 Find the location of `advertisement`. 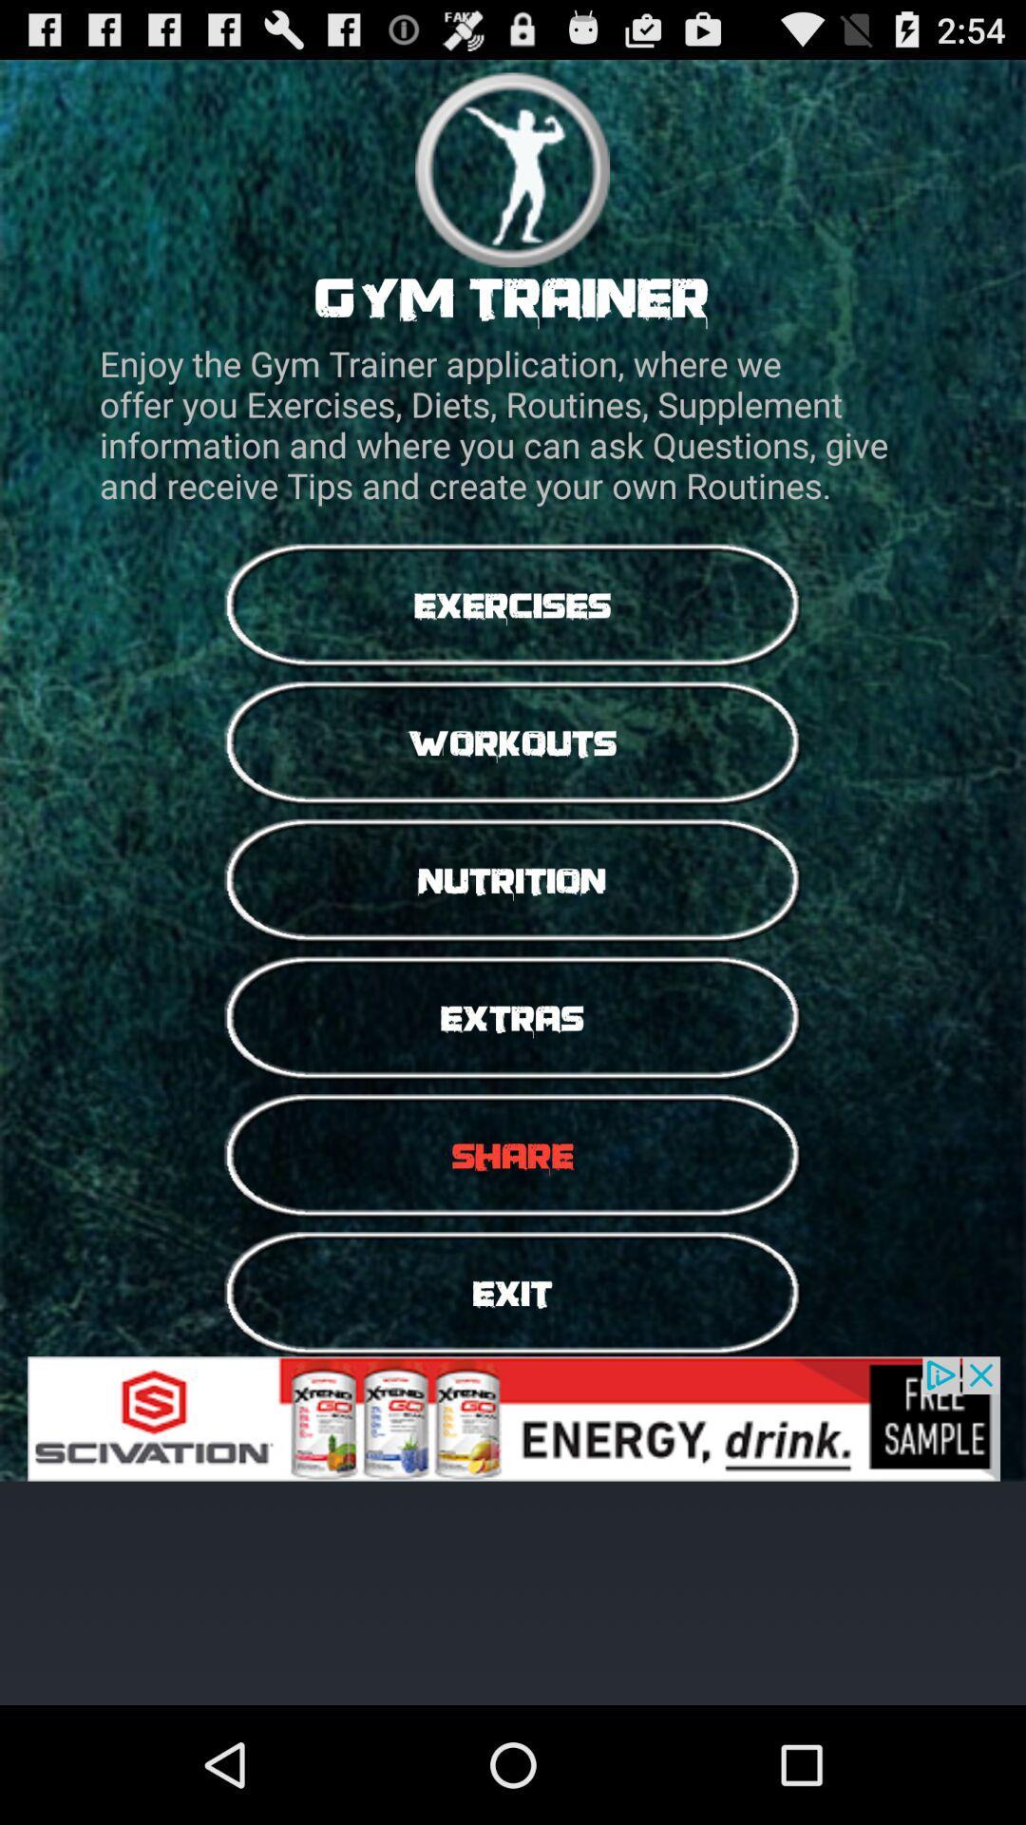

advertisement is located at coordinates (513, 1418).